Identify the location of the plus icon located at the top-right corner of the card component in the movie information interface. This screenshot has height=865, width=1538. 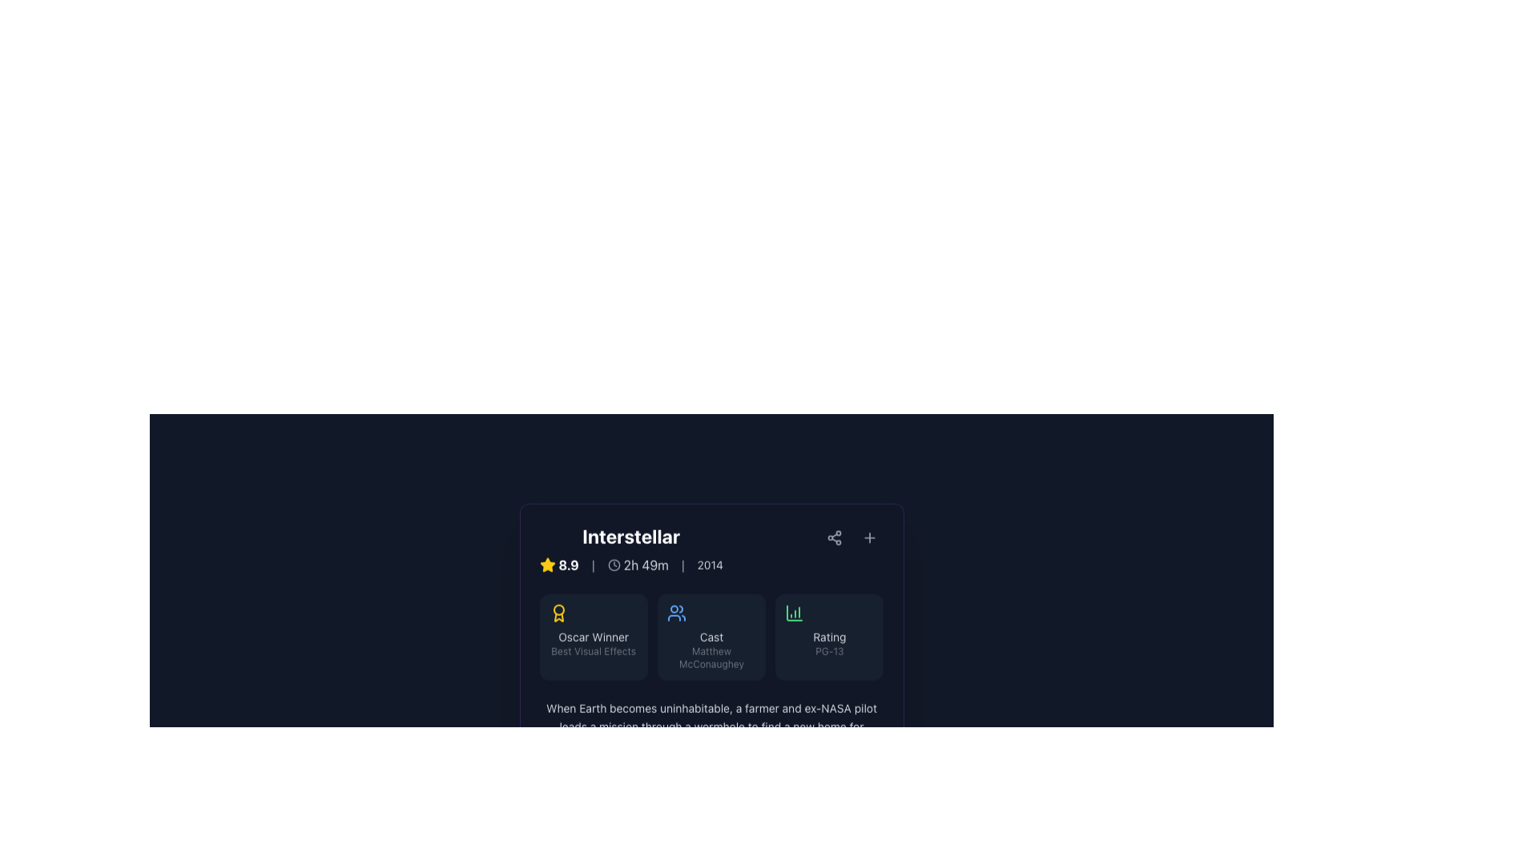
(868, 537).